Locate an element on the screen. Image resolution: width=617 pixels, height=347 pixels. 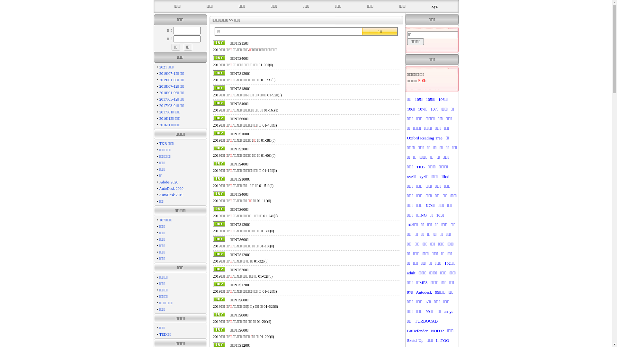
'AutoDesk 2020' is located at coordinates (171, 188).